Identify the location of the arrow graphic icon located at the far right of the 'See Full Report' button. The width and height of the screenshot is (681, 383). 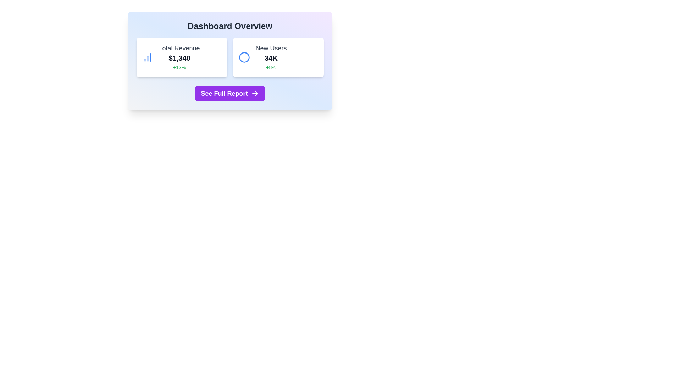
(255, 93).